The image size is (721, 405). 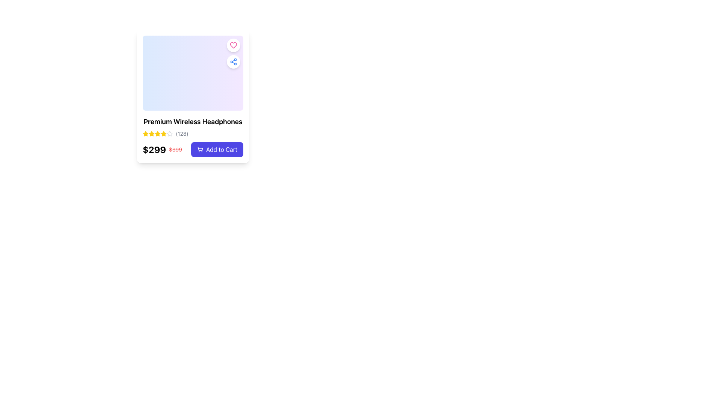 I want to click on the first yellow star icon in the star rating bar located beneath the product title 'Premium Wireless Headphones', so click(x=146, y=133).